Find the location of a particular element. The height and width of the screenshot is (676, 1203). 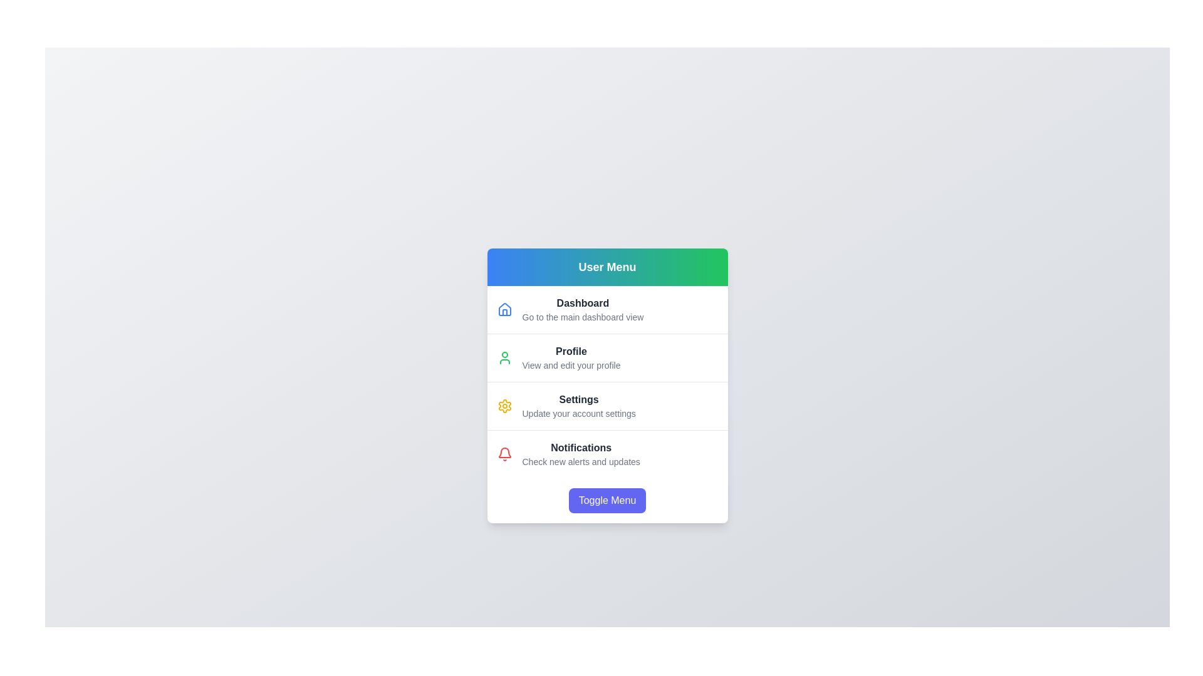

the 'Dashboard' menu item to navigate to the dashboard is located at coordinates (607, 309).